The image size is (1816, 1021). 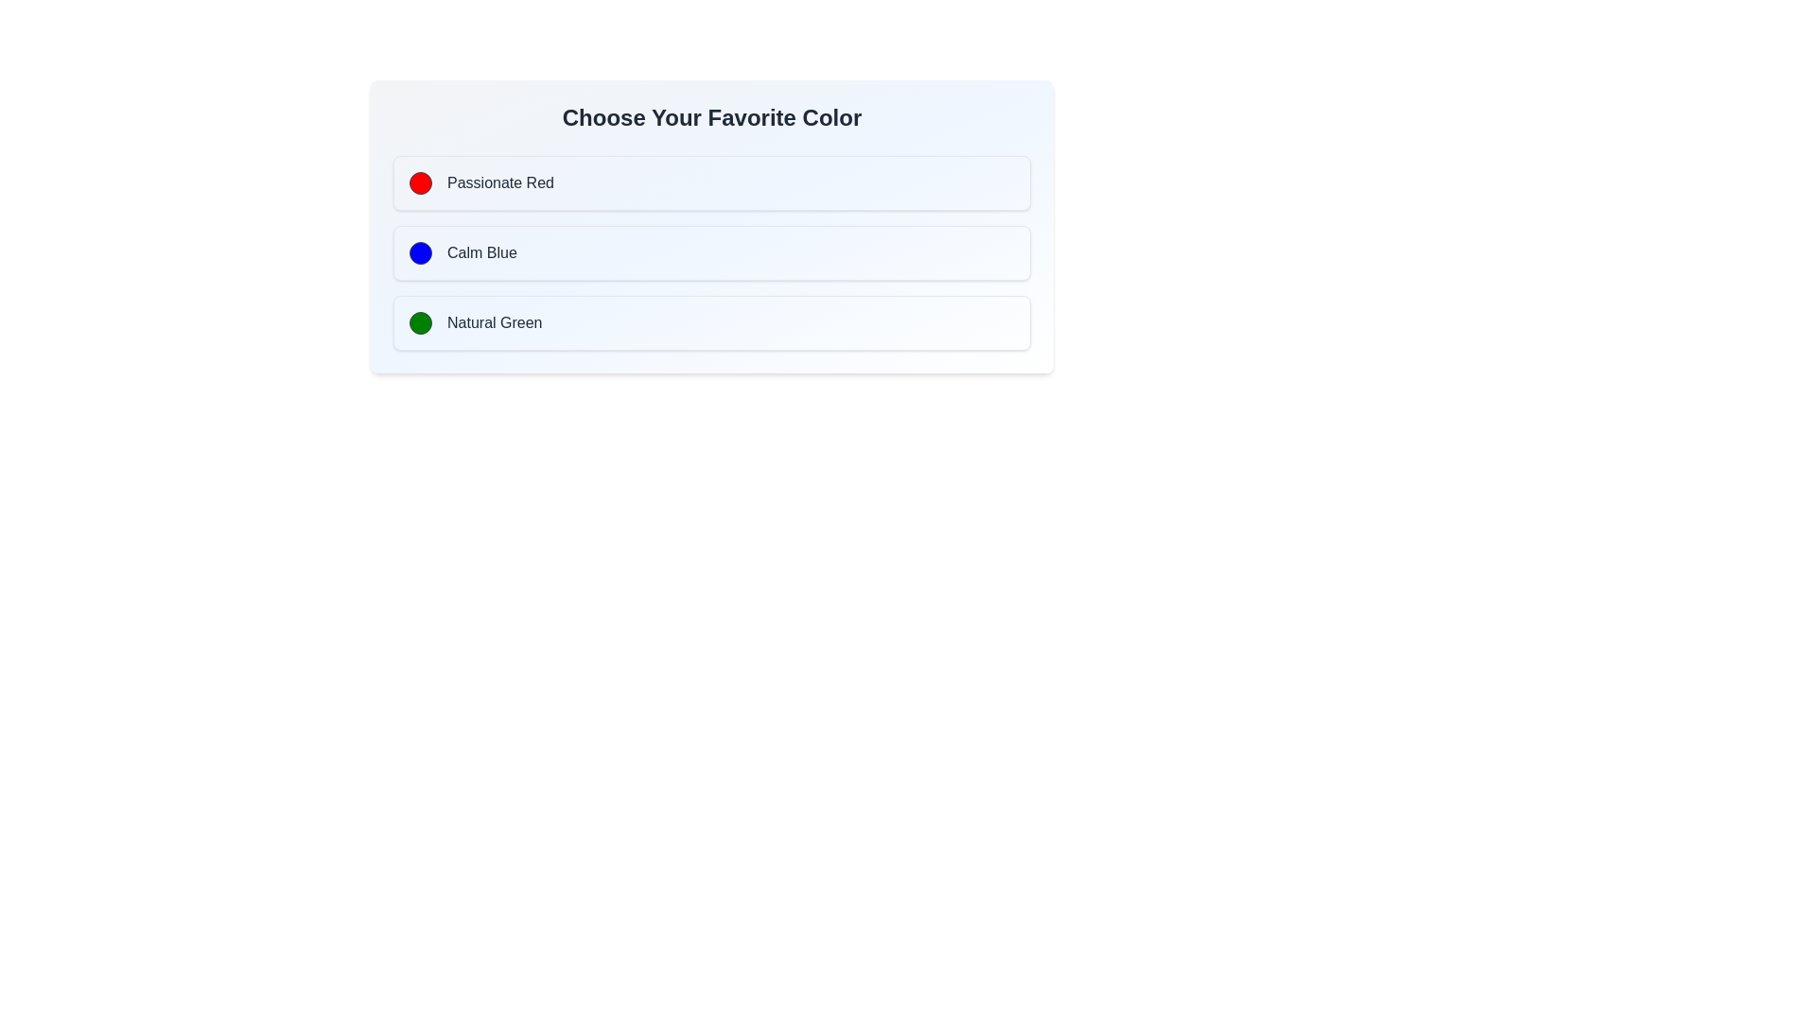 I want to click on the small circular blue indicator with a gray border located to the left of the text 'Calm Blue', so click(x=420, y=251).